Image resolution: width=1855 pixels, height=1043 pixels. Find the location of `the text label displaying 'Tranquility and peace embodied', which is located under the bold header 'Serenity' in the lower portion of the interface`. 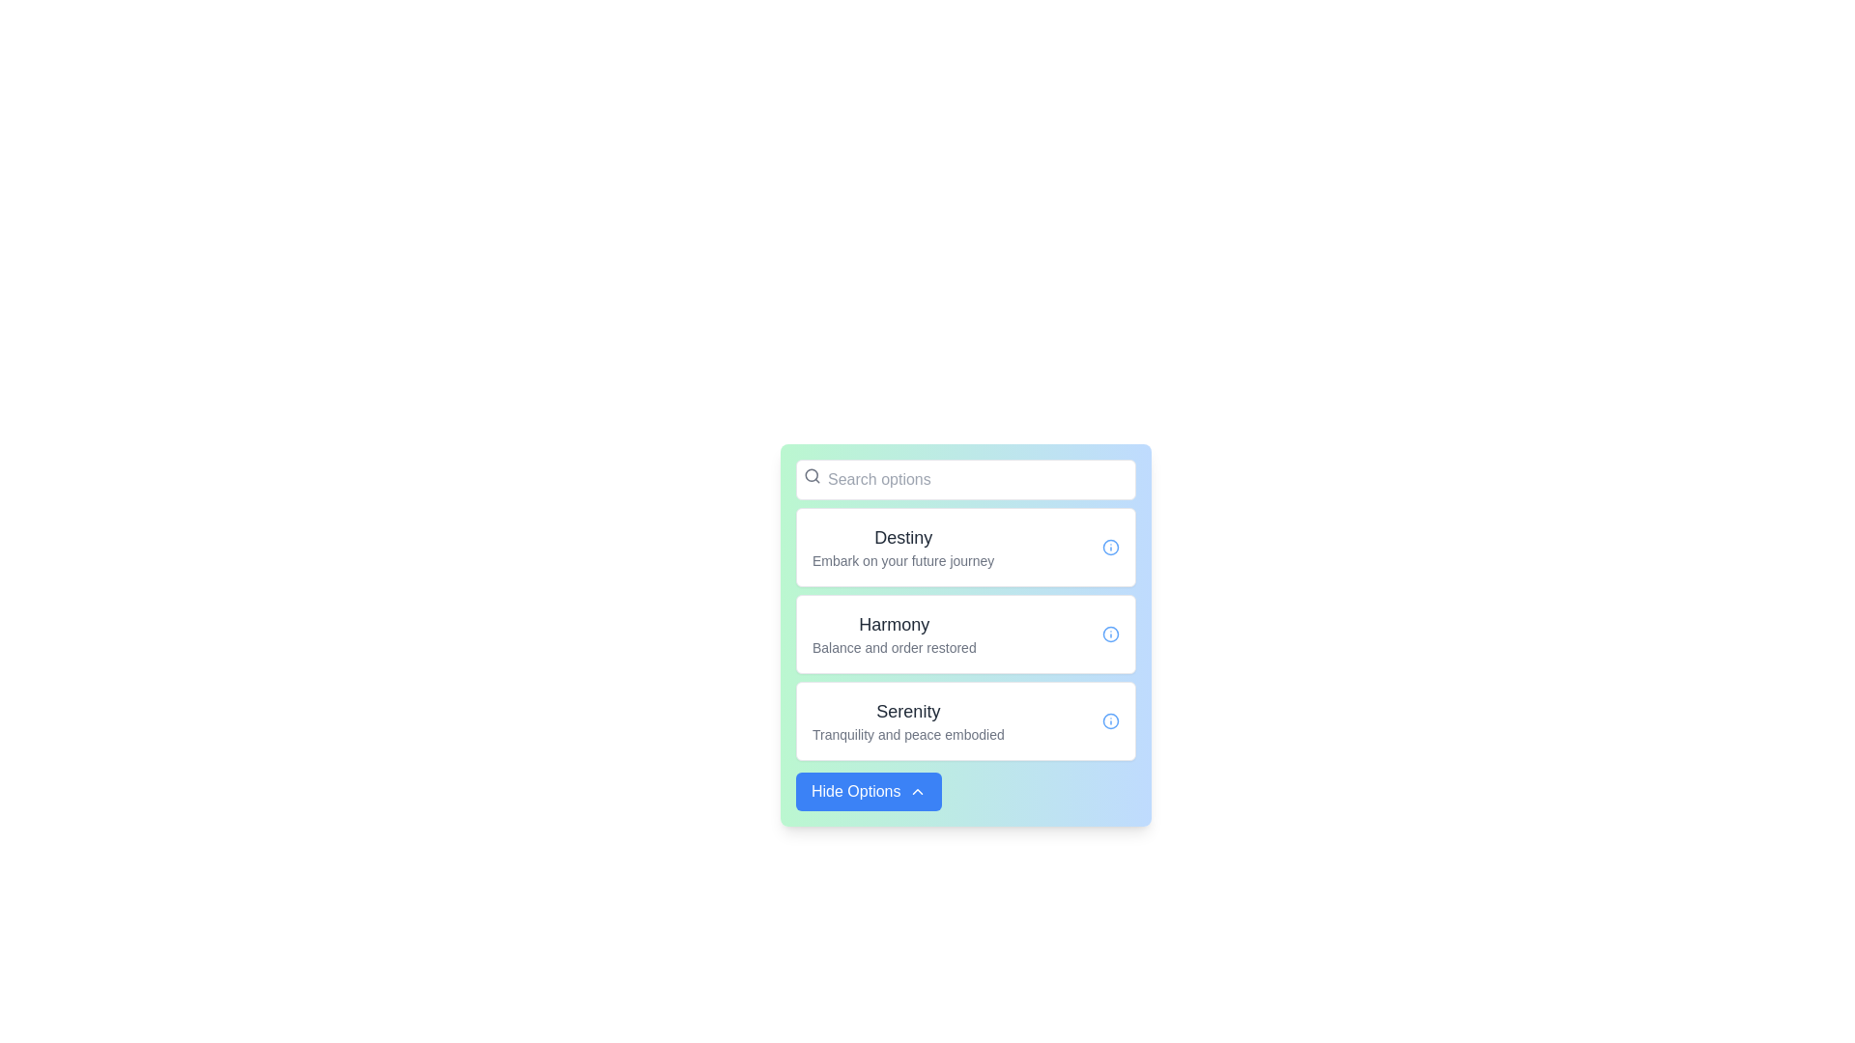

the text label displaying 'Tranquility and peace embodied', which is located under the bold header 'Serenity' in the lower portion of the interface is located at coordinates (907, 734).